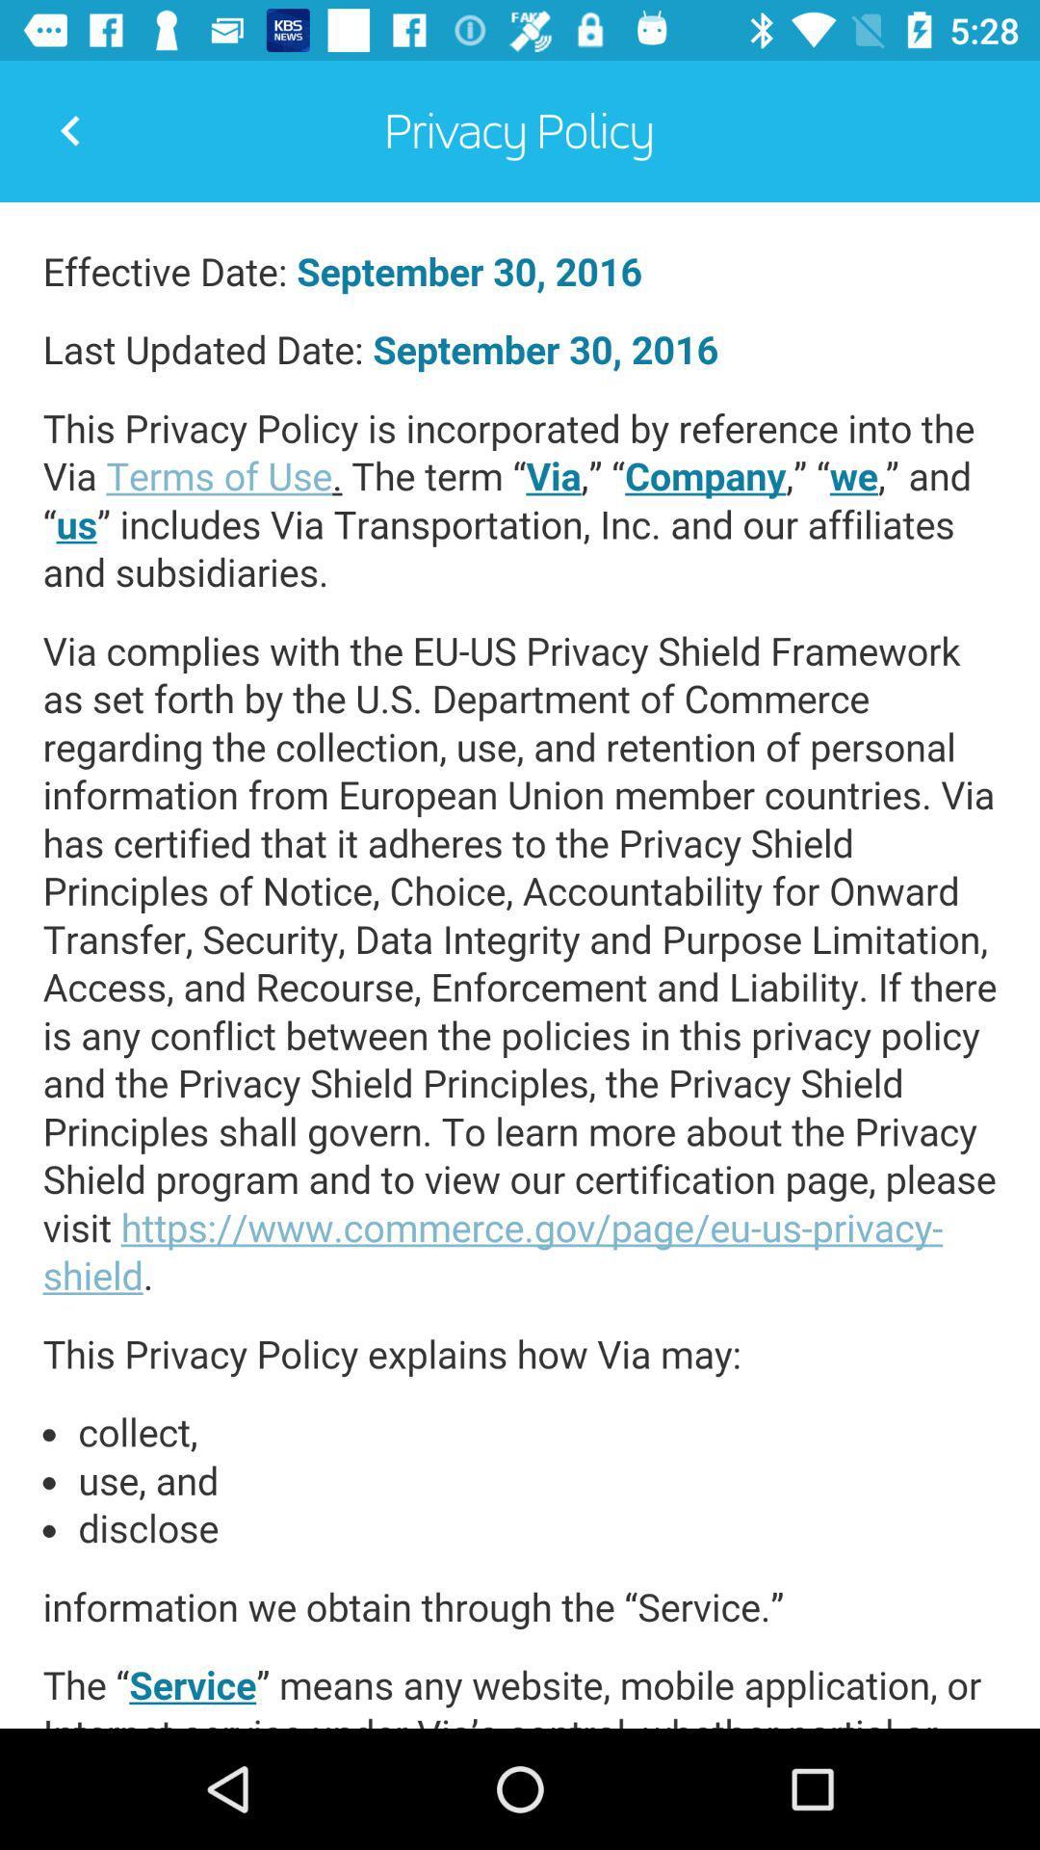  Describe the element at coordinates (520, 965) in the screenshot. I see `privacy policy page` at that location.